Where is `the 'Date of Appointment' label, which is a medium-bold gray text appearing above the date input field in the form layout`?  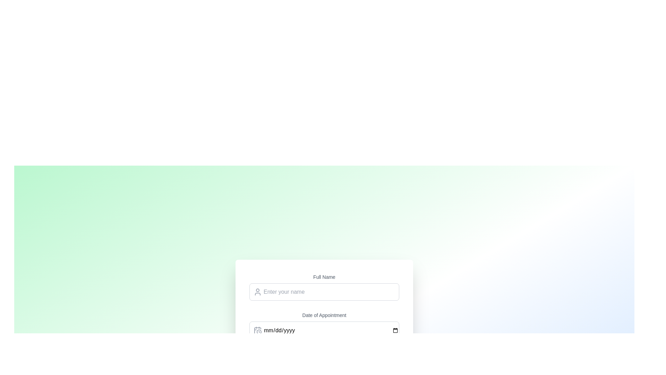
the 'Date of Appointment' label, which is a medium-bold gray text appearing above the date input field in the form layout is located at coordinates (324, 315).